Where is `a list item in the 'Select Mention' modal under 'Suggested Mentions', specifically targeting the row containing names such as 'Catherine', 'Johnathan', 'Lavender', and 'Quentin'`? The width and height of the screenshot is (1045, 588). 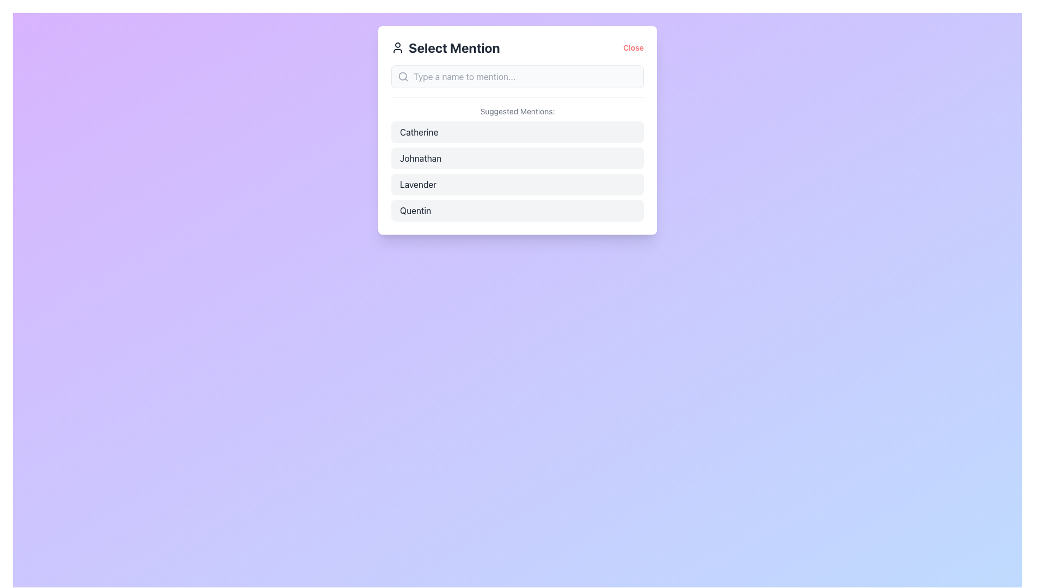
a list item in the 'Select Mention' modal under 'Suggested Mentions', specifically targeting the row containing names such as 'Catherine', 'Johnathan', 'Lavender', and 'Quentin' is located at coordinates (517, 171).